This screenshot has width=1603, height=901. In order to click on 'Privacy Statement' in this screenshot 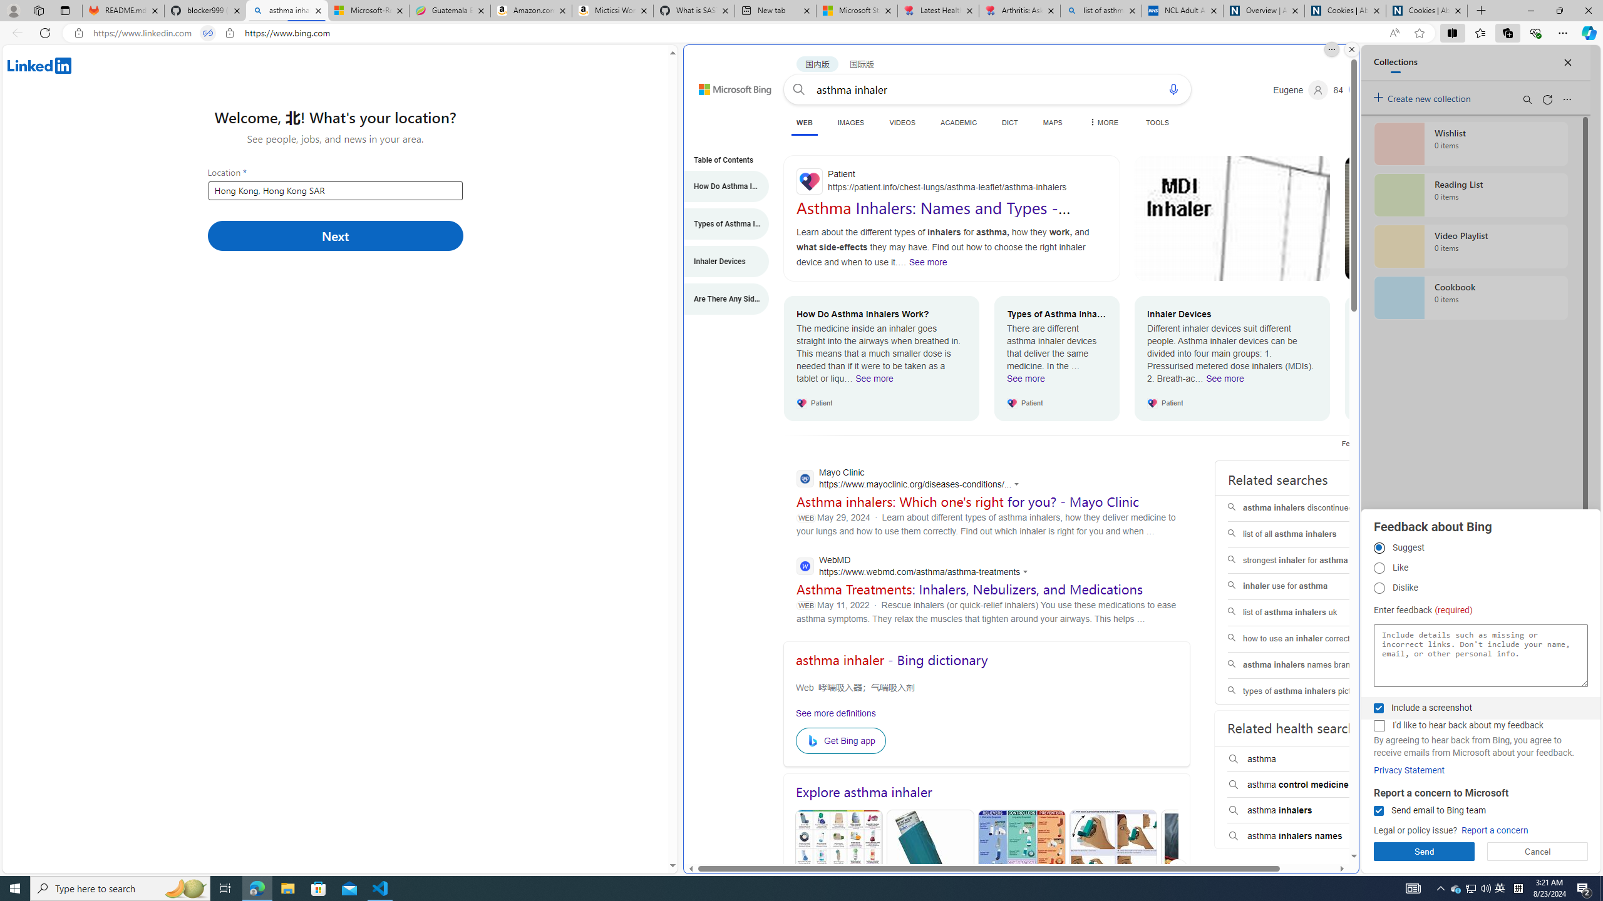, I will do `click(1409, 770)`.